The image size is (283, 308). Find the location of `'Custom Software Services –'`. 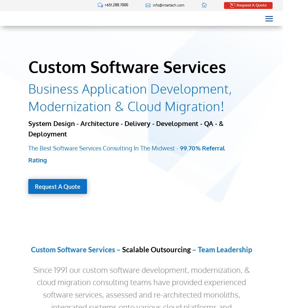

'Custom Software Services –' is located at coordinates (76, 249).